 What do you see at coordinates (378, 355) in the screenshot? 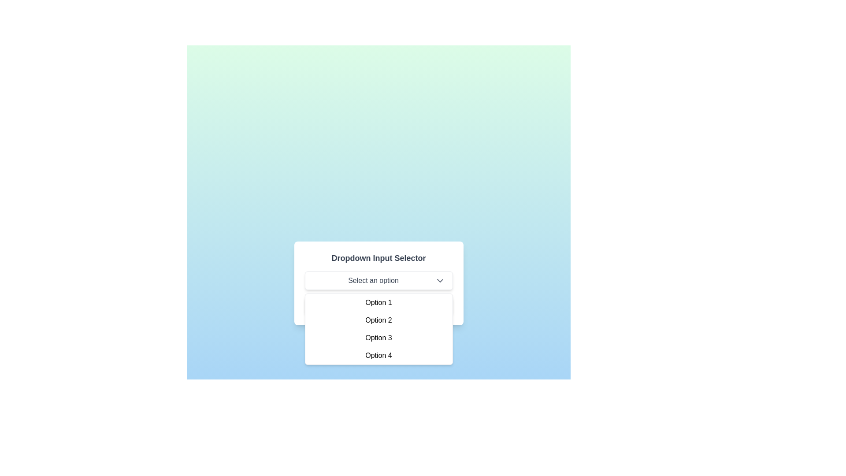
I see `to select the list item labeled 'Option 4' in the dropdown menu` at bounding box center [378, 355].